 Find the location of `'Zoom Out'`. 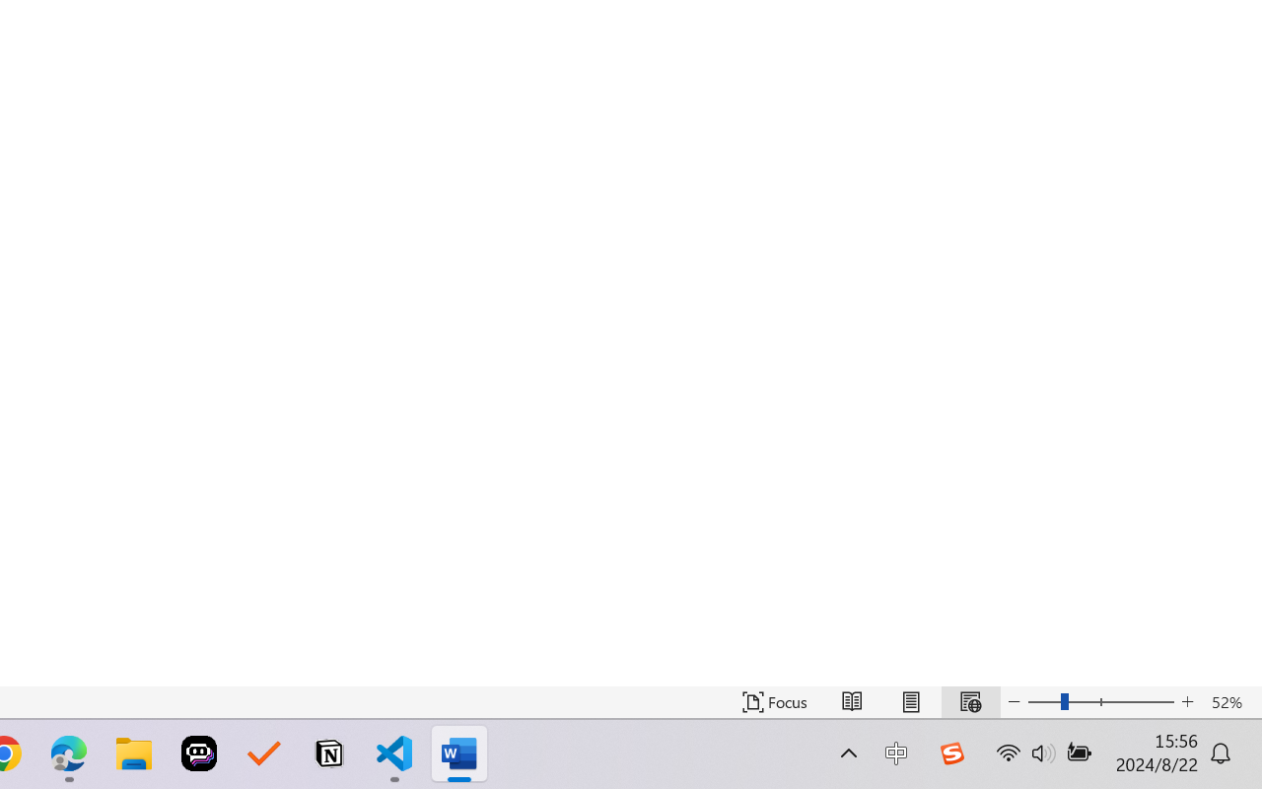

'Zoom Out' is located at coordinates (1043, 701).